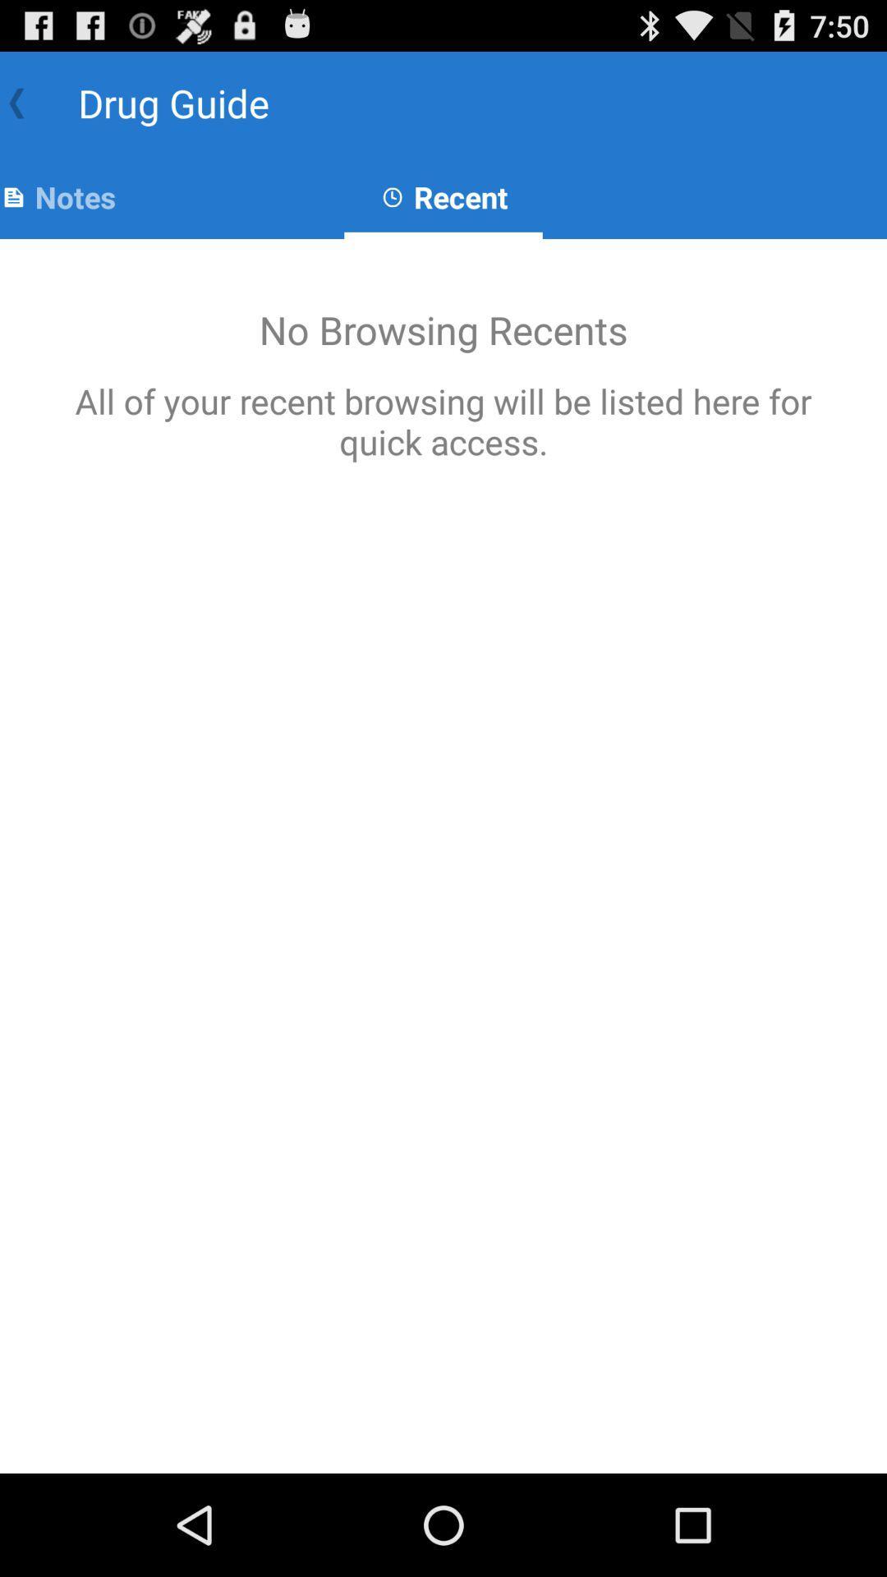 The image size is (887, 1577). Describe the element at coordinates (57, 197) in the screenshot. I see `the   notes` at that location.